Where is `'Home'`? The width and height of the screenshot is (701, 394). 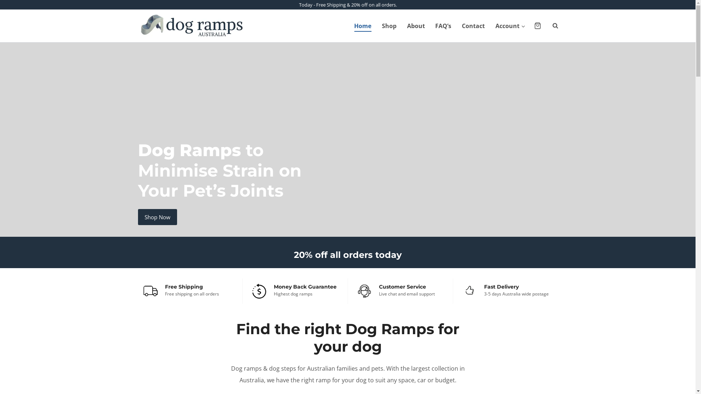 'Home' is located at coordinates (348, 25).